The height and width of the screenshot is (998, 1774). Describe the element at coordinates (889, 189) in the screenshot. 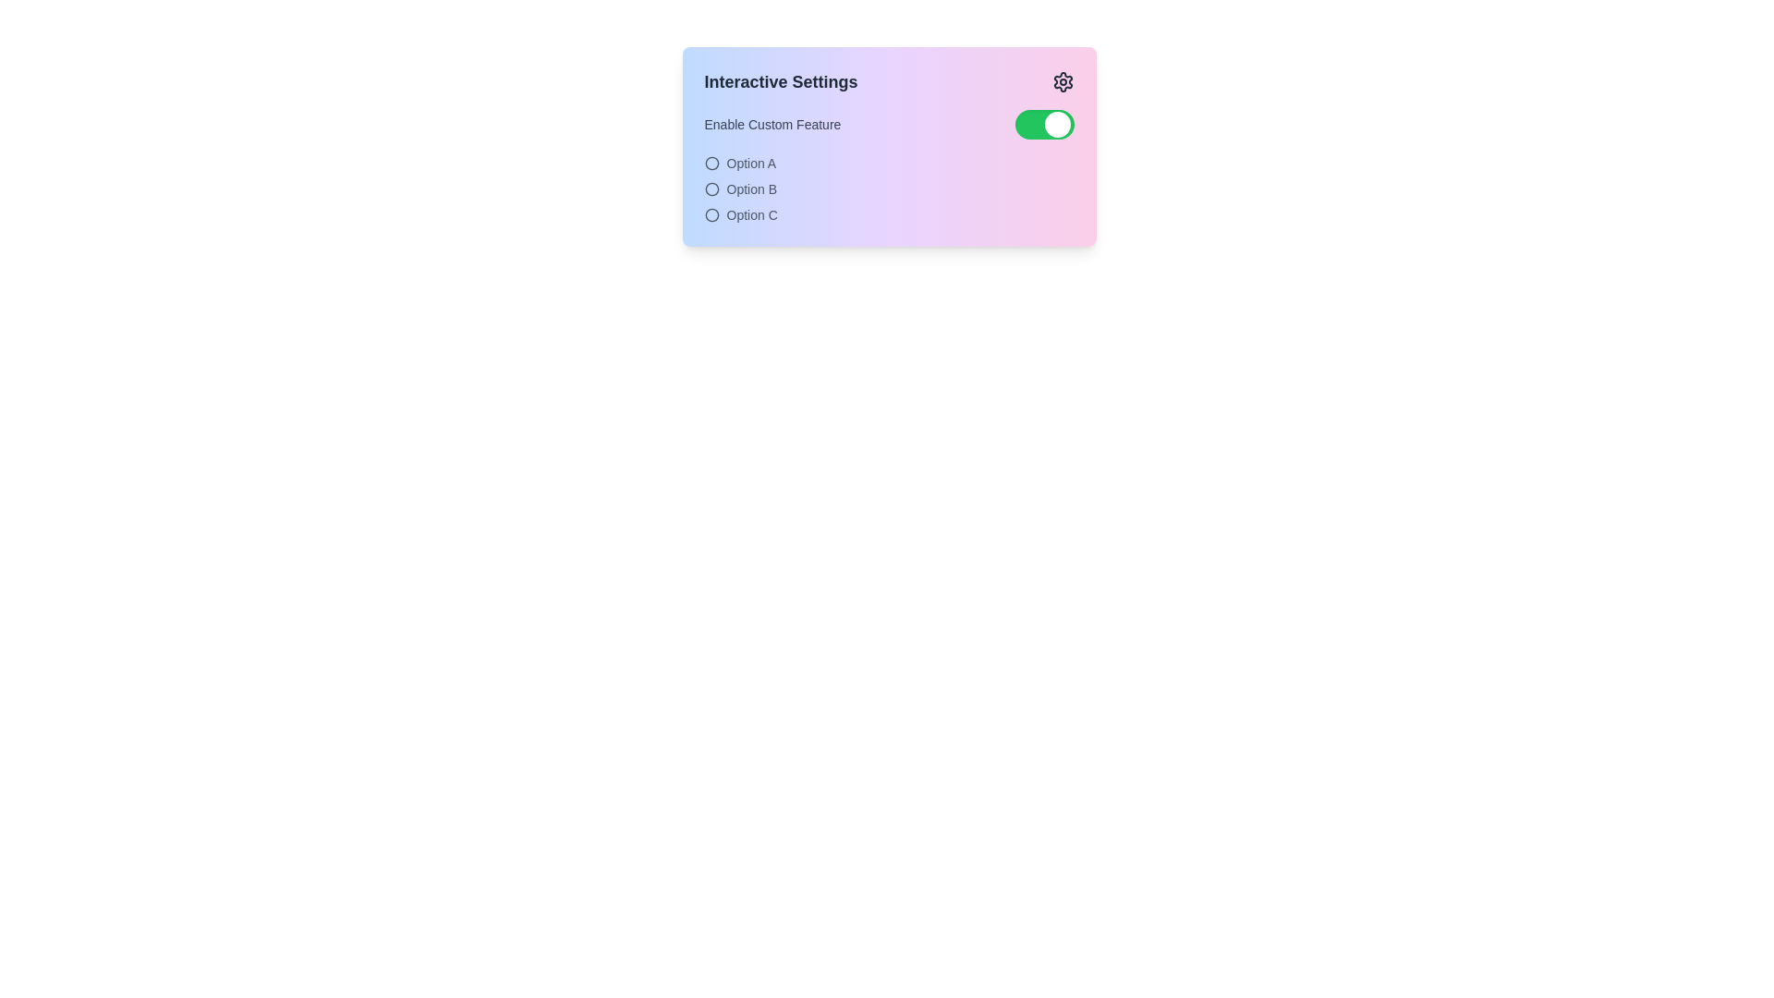

I see `the second radio button option in a vertical list of three options, which is located in the settings panel` at that location.